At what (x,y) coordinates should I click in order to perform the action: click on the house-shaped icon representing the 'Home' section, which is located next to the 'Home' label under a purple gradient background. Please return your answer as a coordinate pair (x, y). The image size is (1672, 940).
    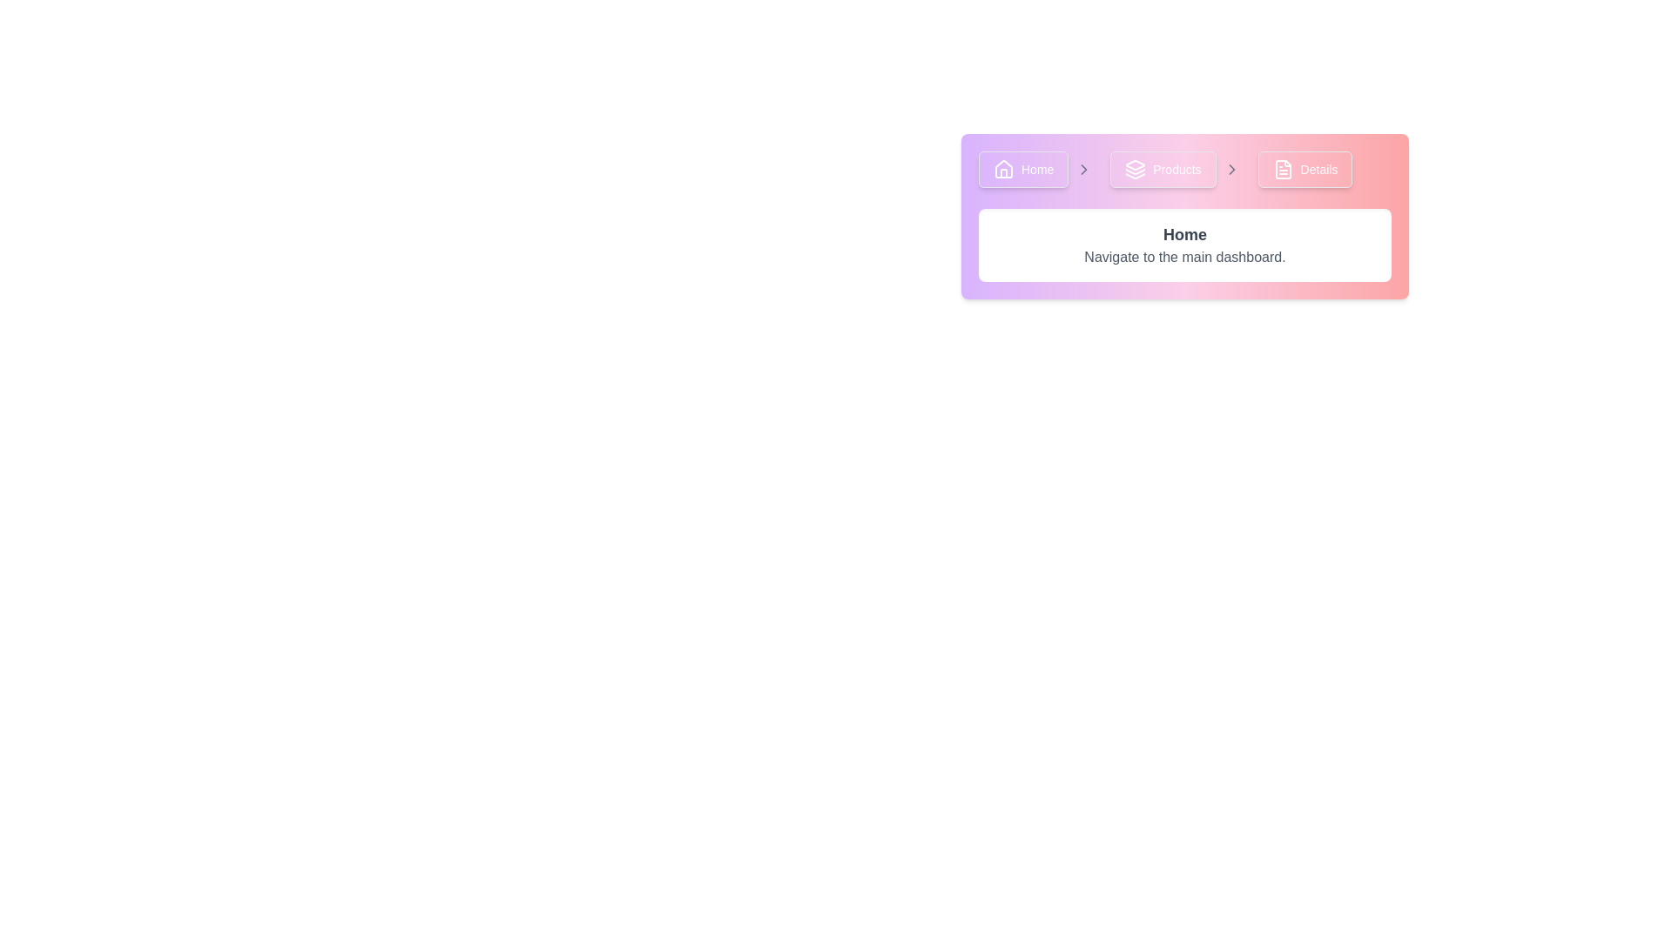
    Looking at the image, I should click on (1003, 170).